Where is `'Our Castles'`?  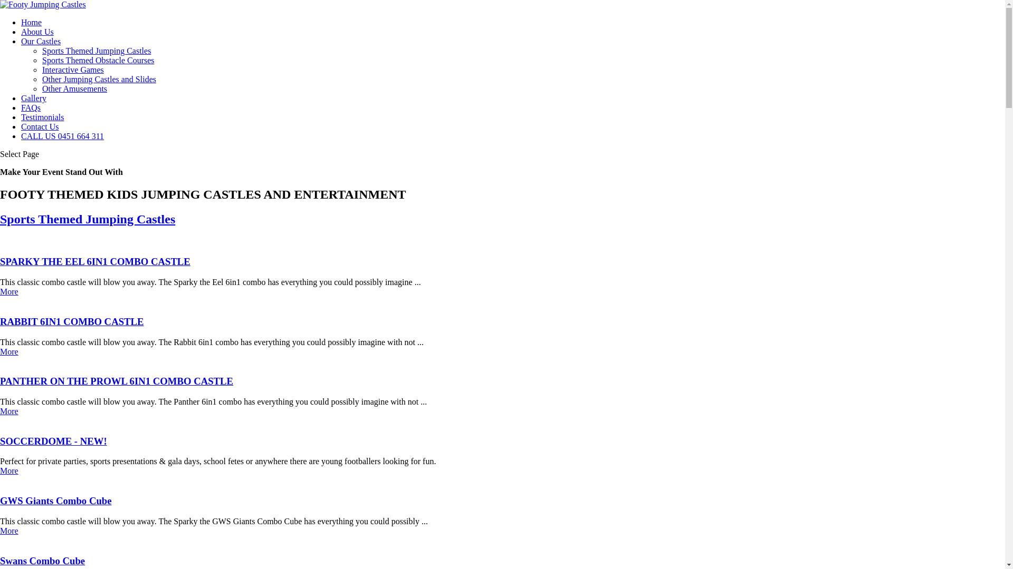
'Our Castles' is located at coordinates (41, 41).